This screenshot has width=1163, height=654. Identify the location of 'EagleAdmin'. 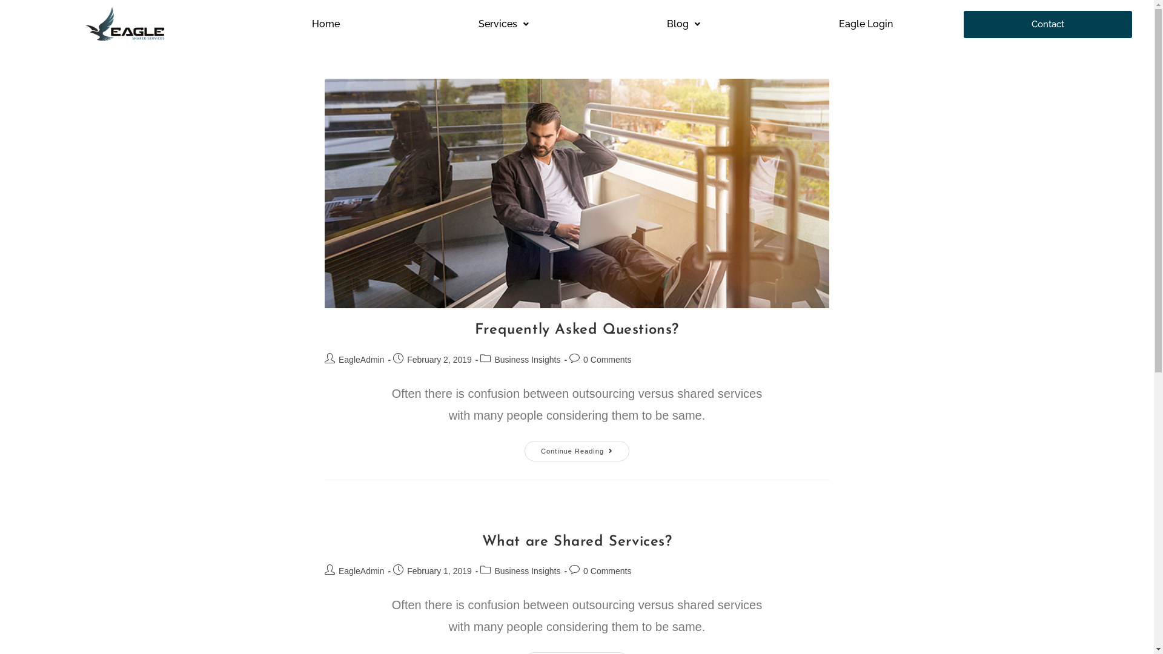
(360, 359).